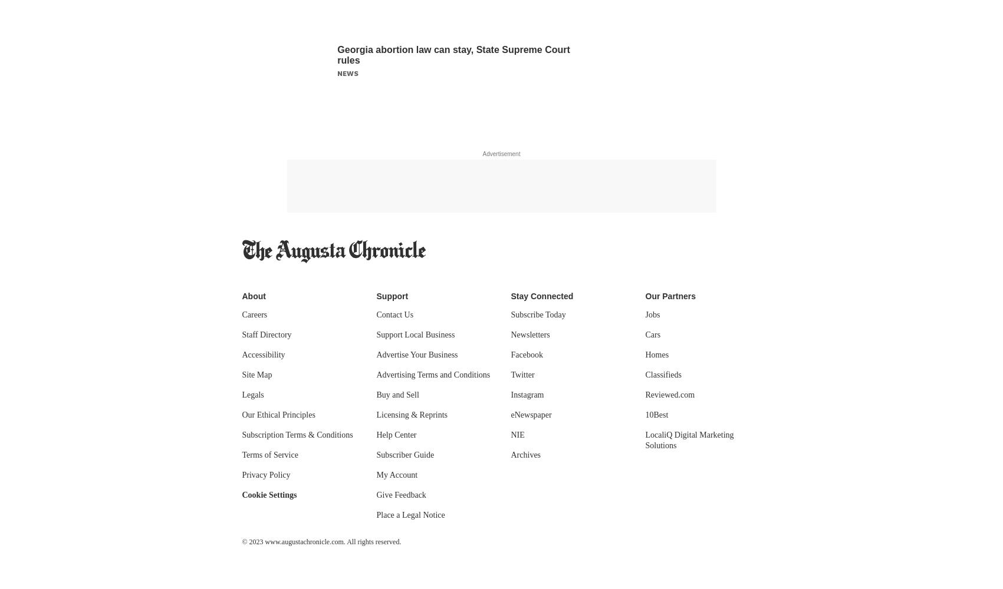  I want to click on 'My Account', so click(396, 475).